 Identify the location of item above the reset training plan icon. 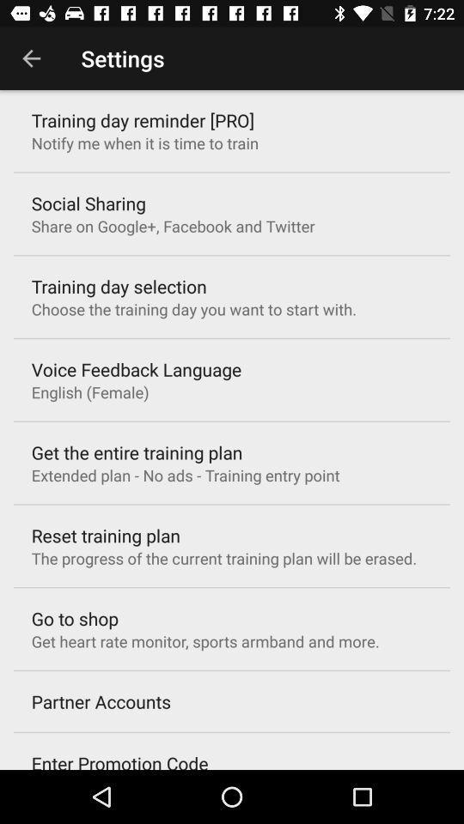
(185, 475).